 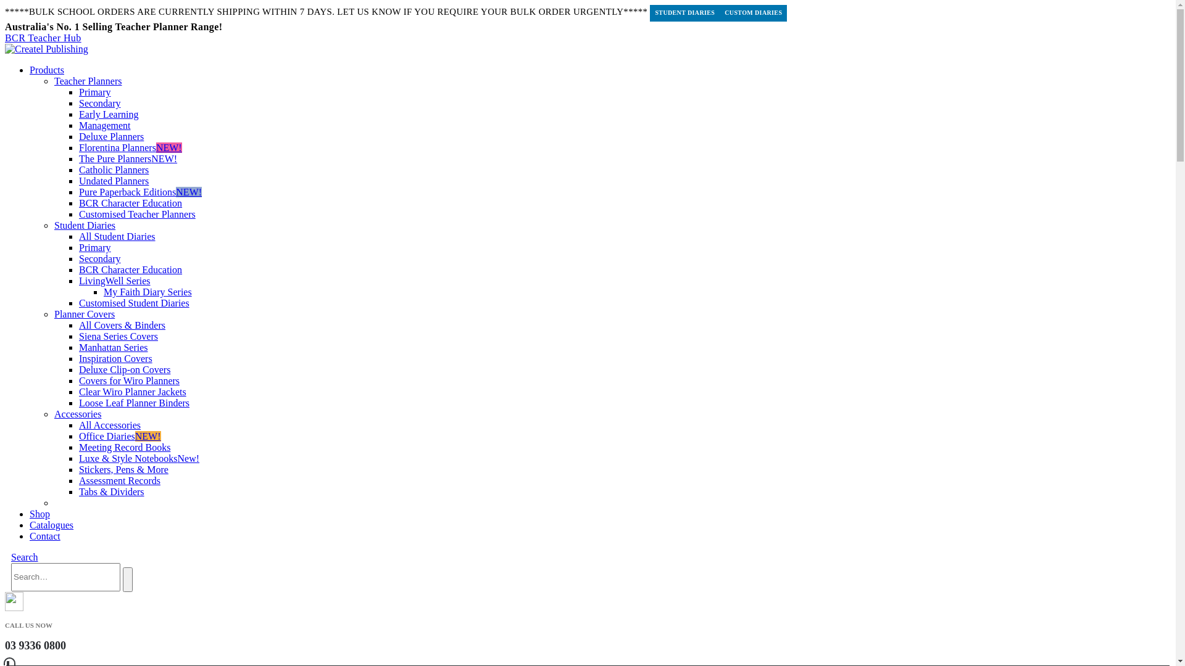 I want to click on 'Student Diaries', so click(x=53, y=225).